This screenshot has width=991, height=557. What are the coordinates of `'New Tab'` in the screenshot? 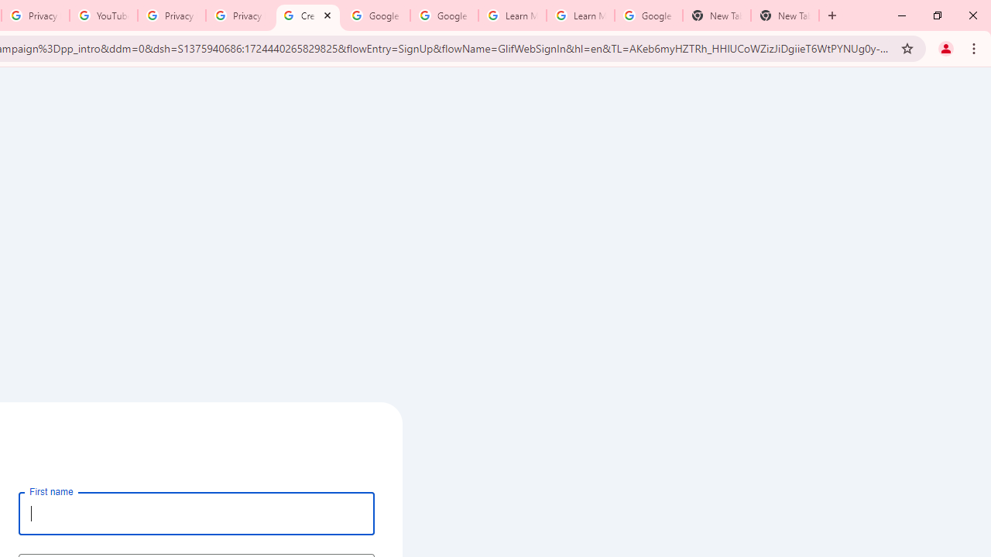 It's located at (785, 15).